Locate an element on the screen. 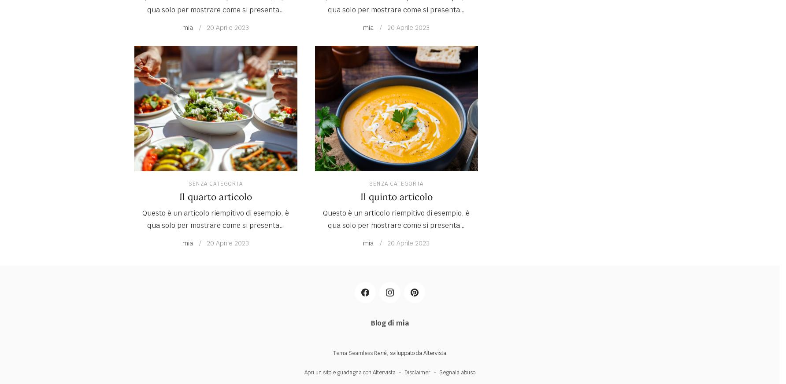  'Il quinto articolo' is located at coordinates (396, 196).